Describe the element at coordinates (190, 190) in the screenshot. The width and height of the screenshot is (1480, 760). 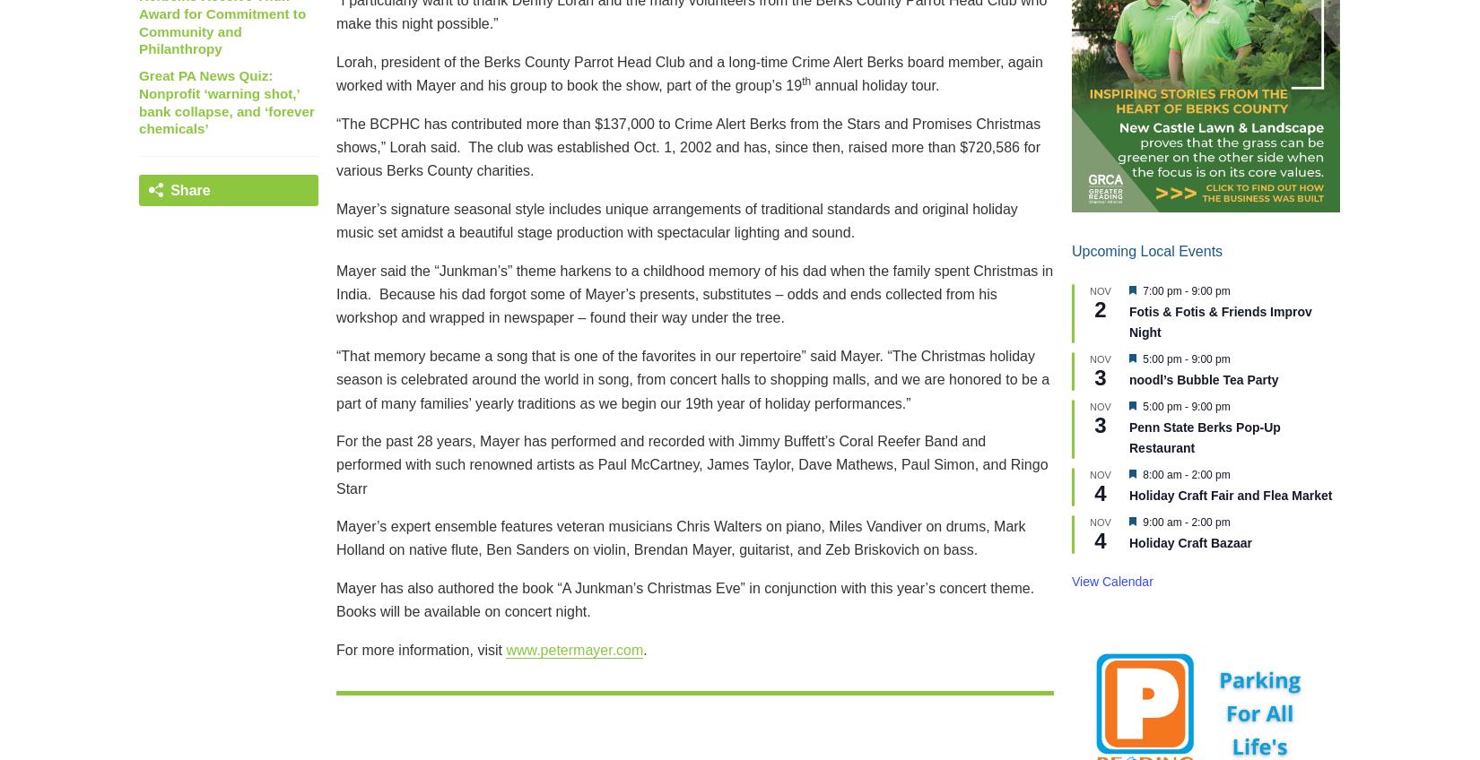
I see `'Share'` at that location.